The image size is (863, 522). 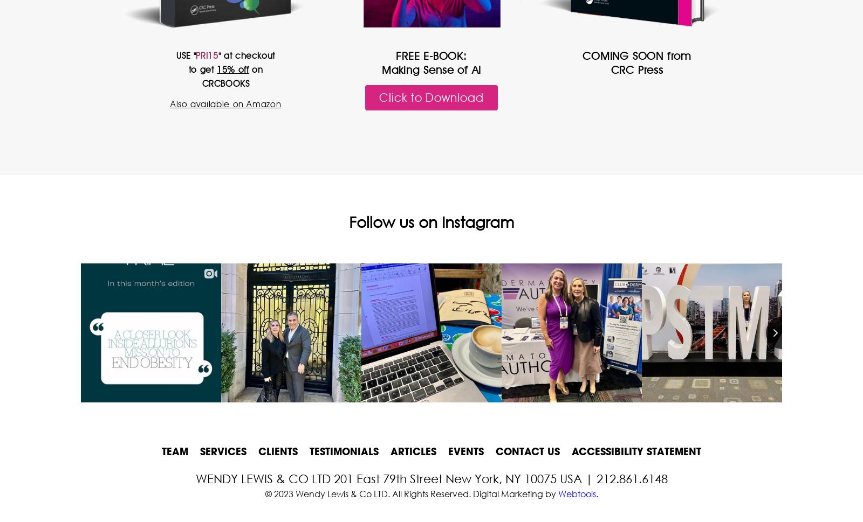 I want to click on '" at checkout', so click(x=245, y=55).